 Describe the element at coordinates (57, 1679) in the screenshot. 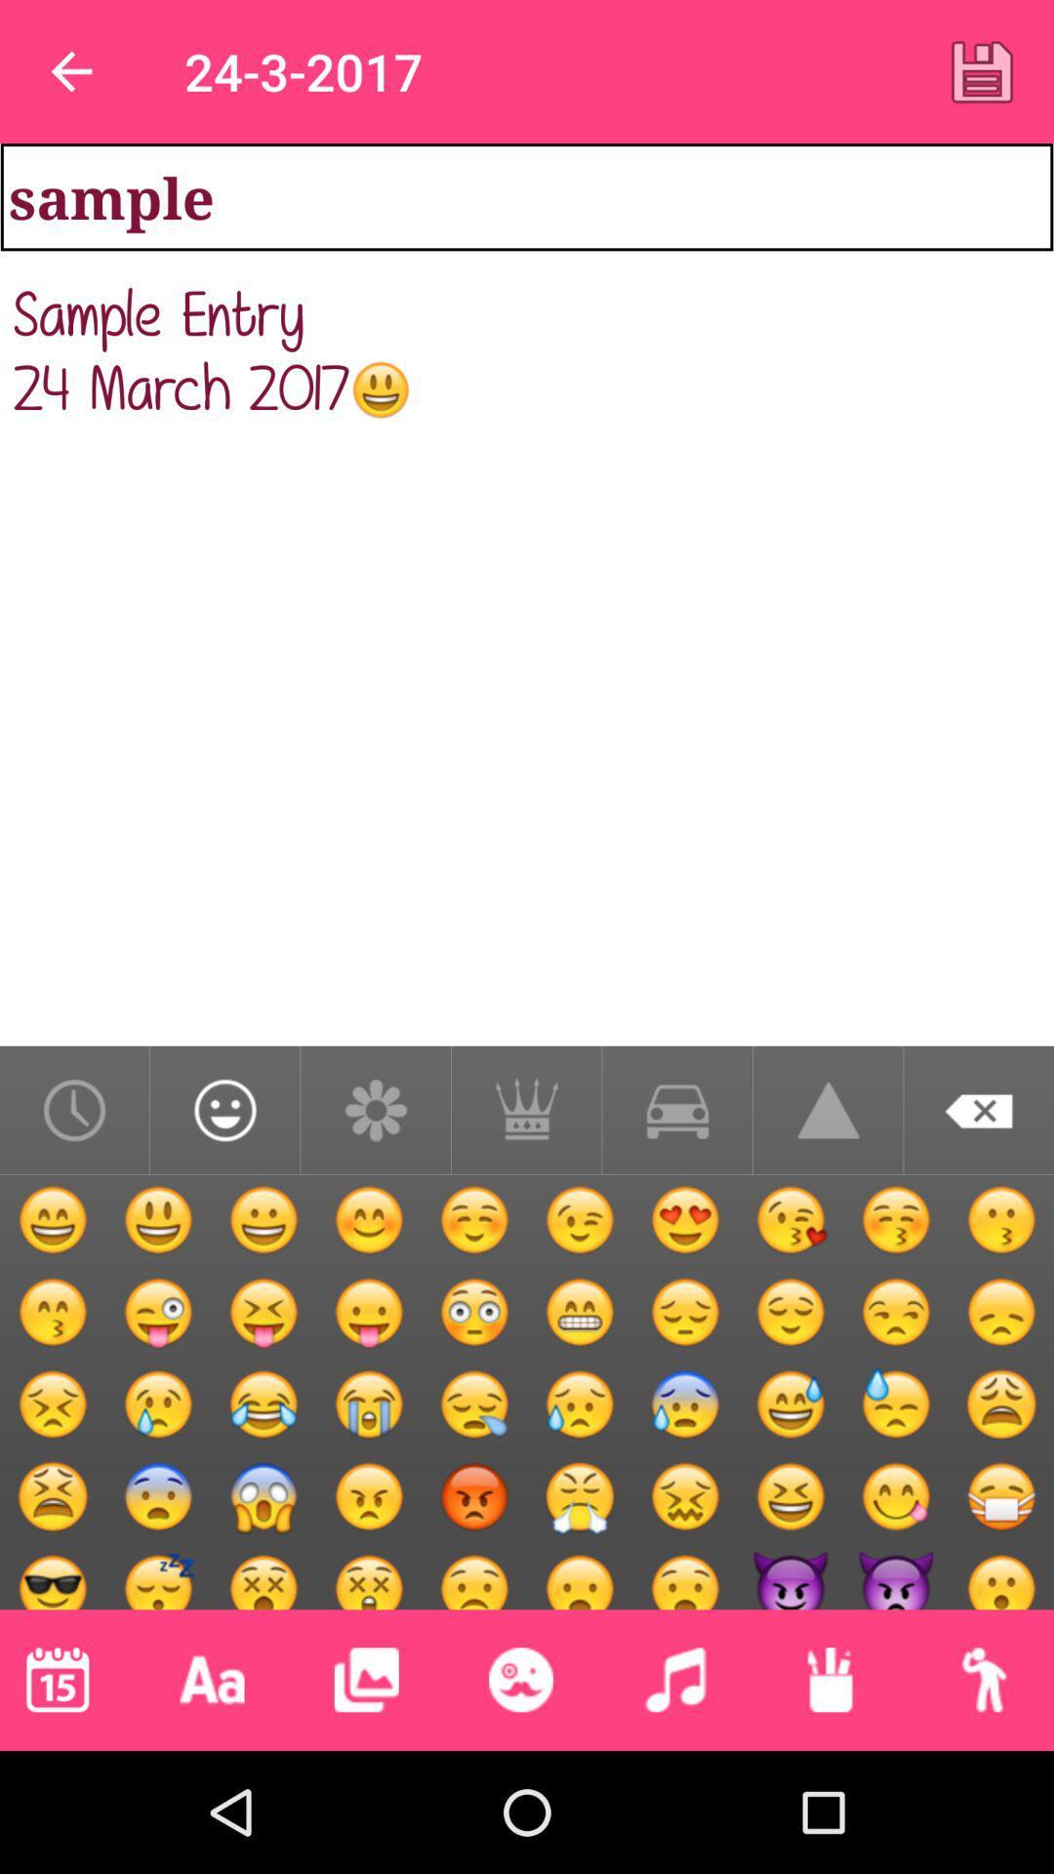

I see `the date_range icon` at that location.